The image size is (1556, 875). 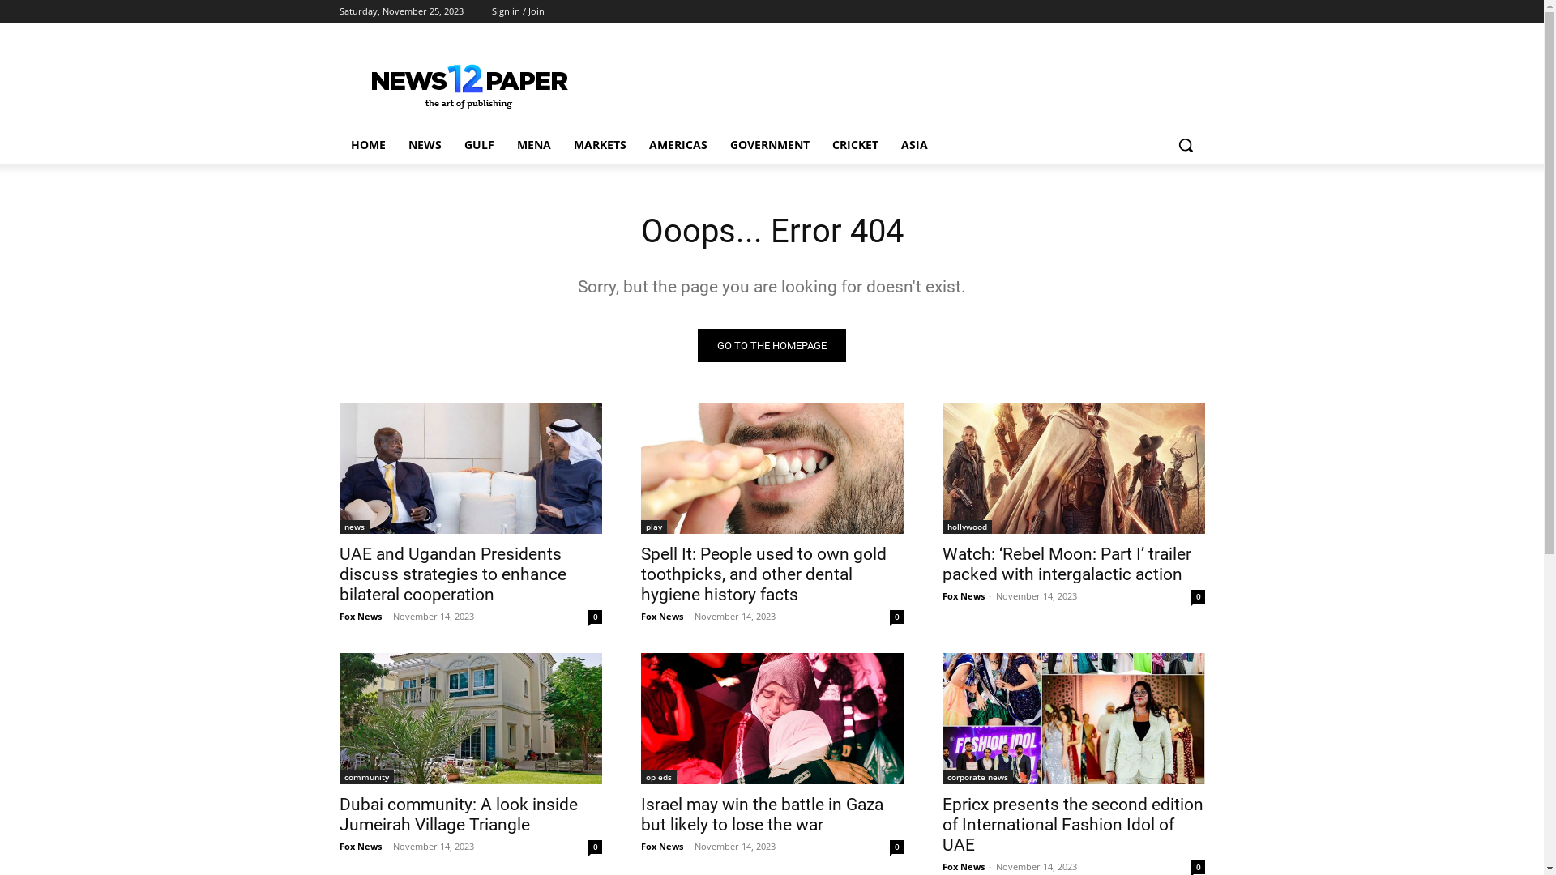 What do you see at coordinates (366, 143) in the screenshot?
I see `'HOME'` at bounding box center [366, 143].